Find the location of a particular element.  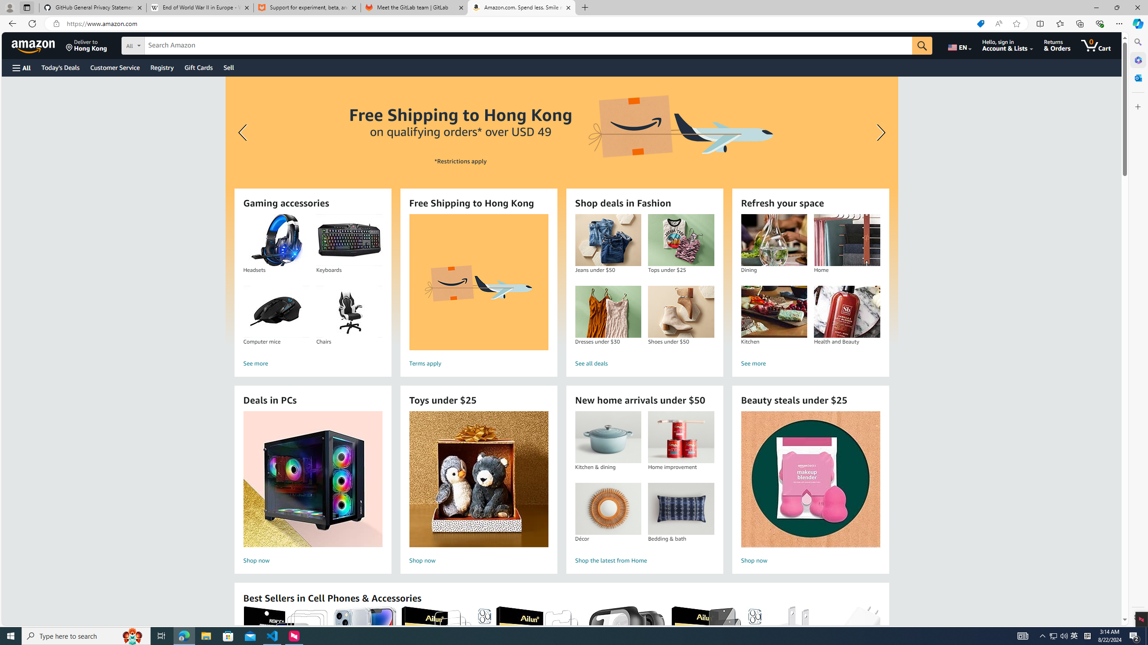

'Dresses under $30' is located at coordinates (607, 312).